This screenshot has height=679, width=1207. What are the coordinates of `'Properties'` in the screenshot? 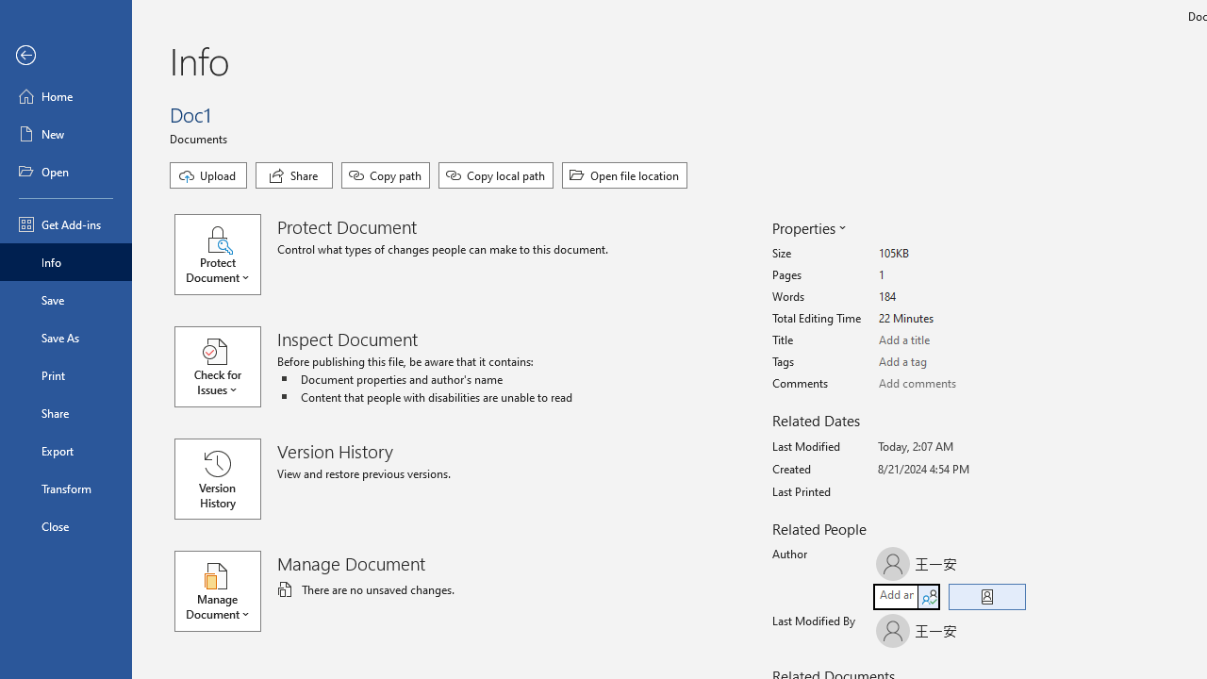 It's located at (807, 226).